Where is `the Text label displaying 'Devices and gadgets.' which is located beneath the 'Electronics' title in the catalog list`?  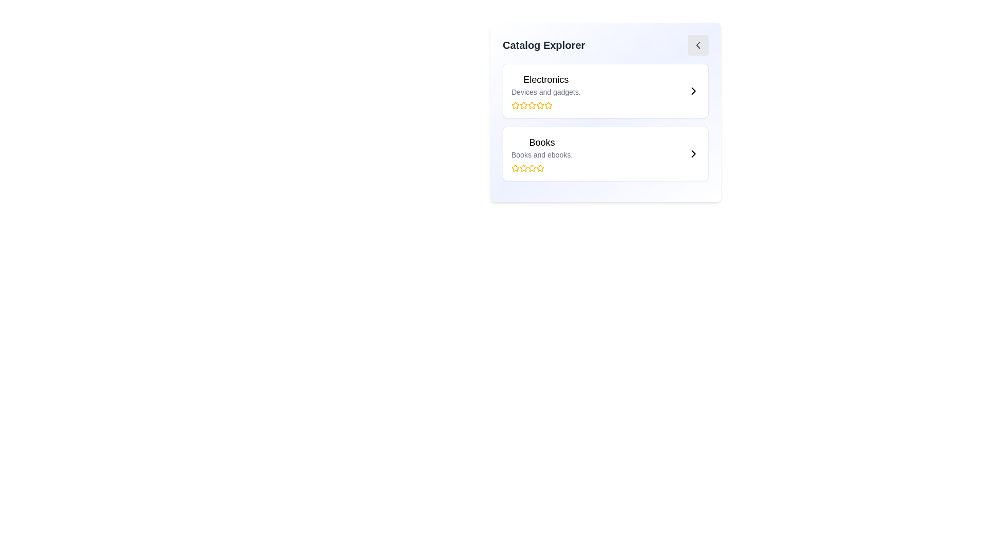
the Text label displaying 'Devices and gadgets.' which is located beneath the 'Electronics' title in the catalog list is located at coordinates (545, 91).